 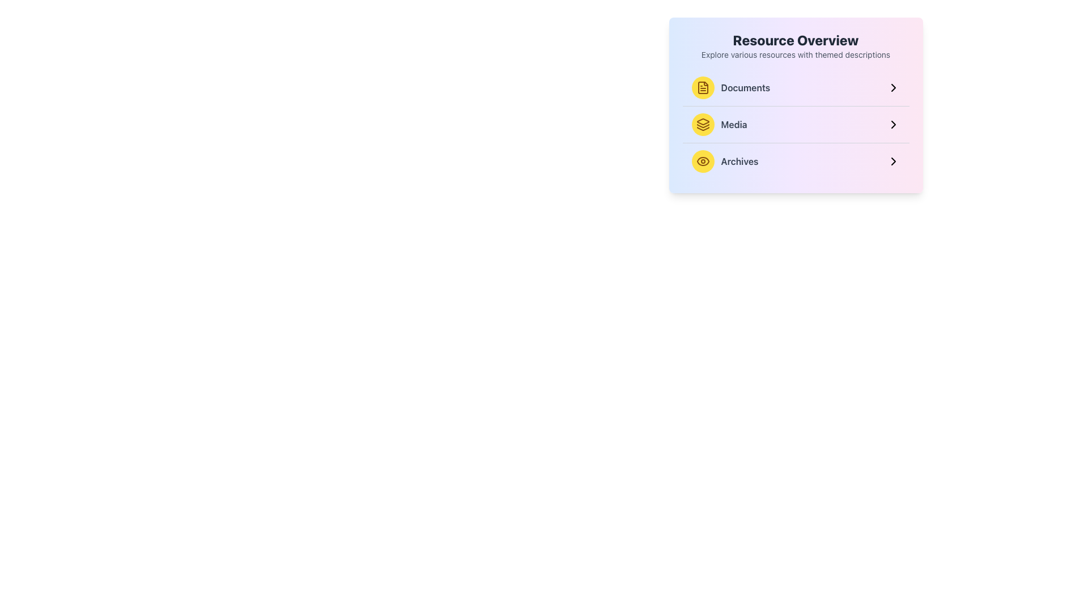 What do you see at coordinates (718, 124) in the screenshot?
I see `the second menu item labeled 'Media' in the 'Resource Overview' card by clicking on it` at bounding box center [718, 124].